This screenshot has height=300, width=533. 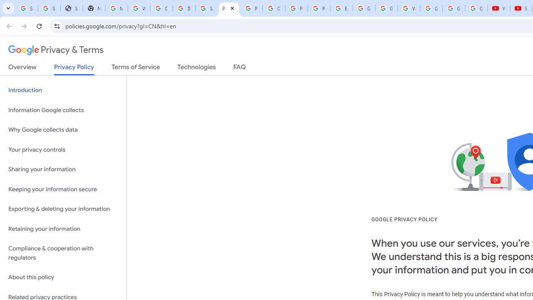 What do you see at coordinates (63, 229) in the screenshot?
I see `'Retaining your information'` at bounding box center [63, 229].